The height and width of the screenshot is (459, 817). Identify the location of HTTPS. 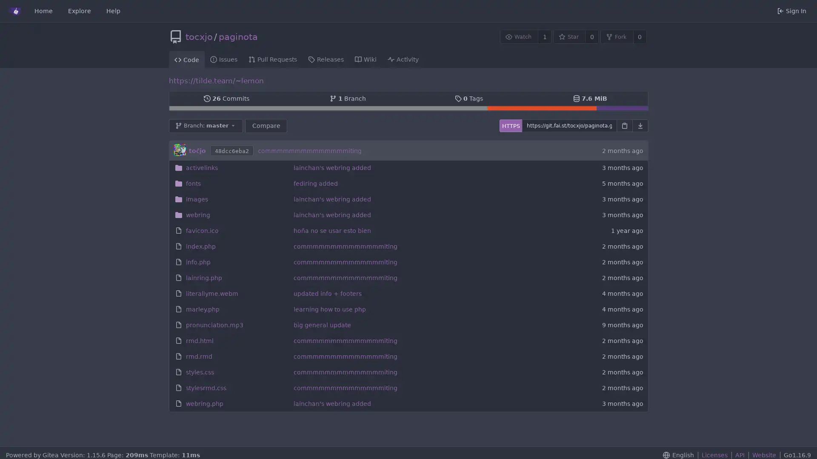
(510, 126).